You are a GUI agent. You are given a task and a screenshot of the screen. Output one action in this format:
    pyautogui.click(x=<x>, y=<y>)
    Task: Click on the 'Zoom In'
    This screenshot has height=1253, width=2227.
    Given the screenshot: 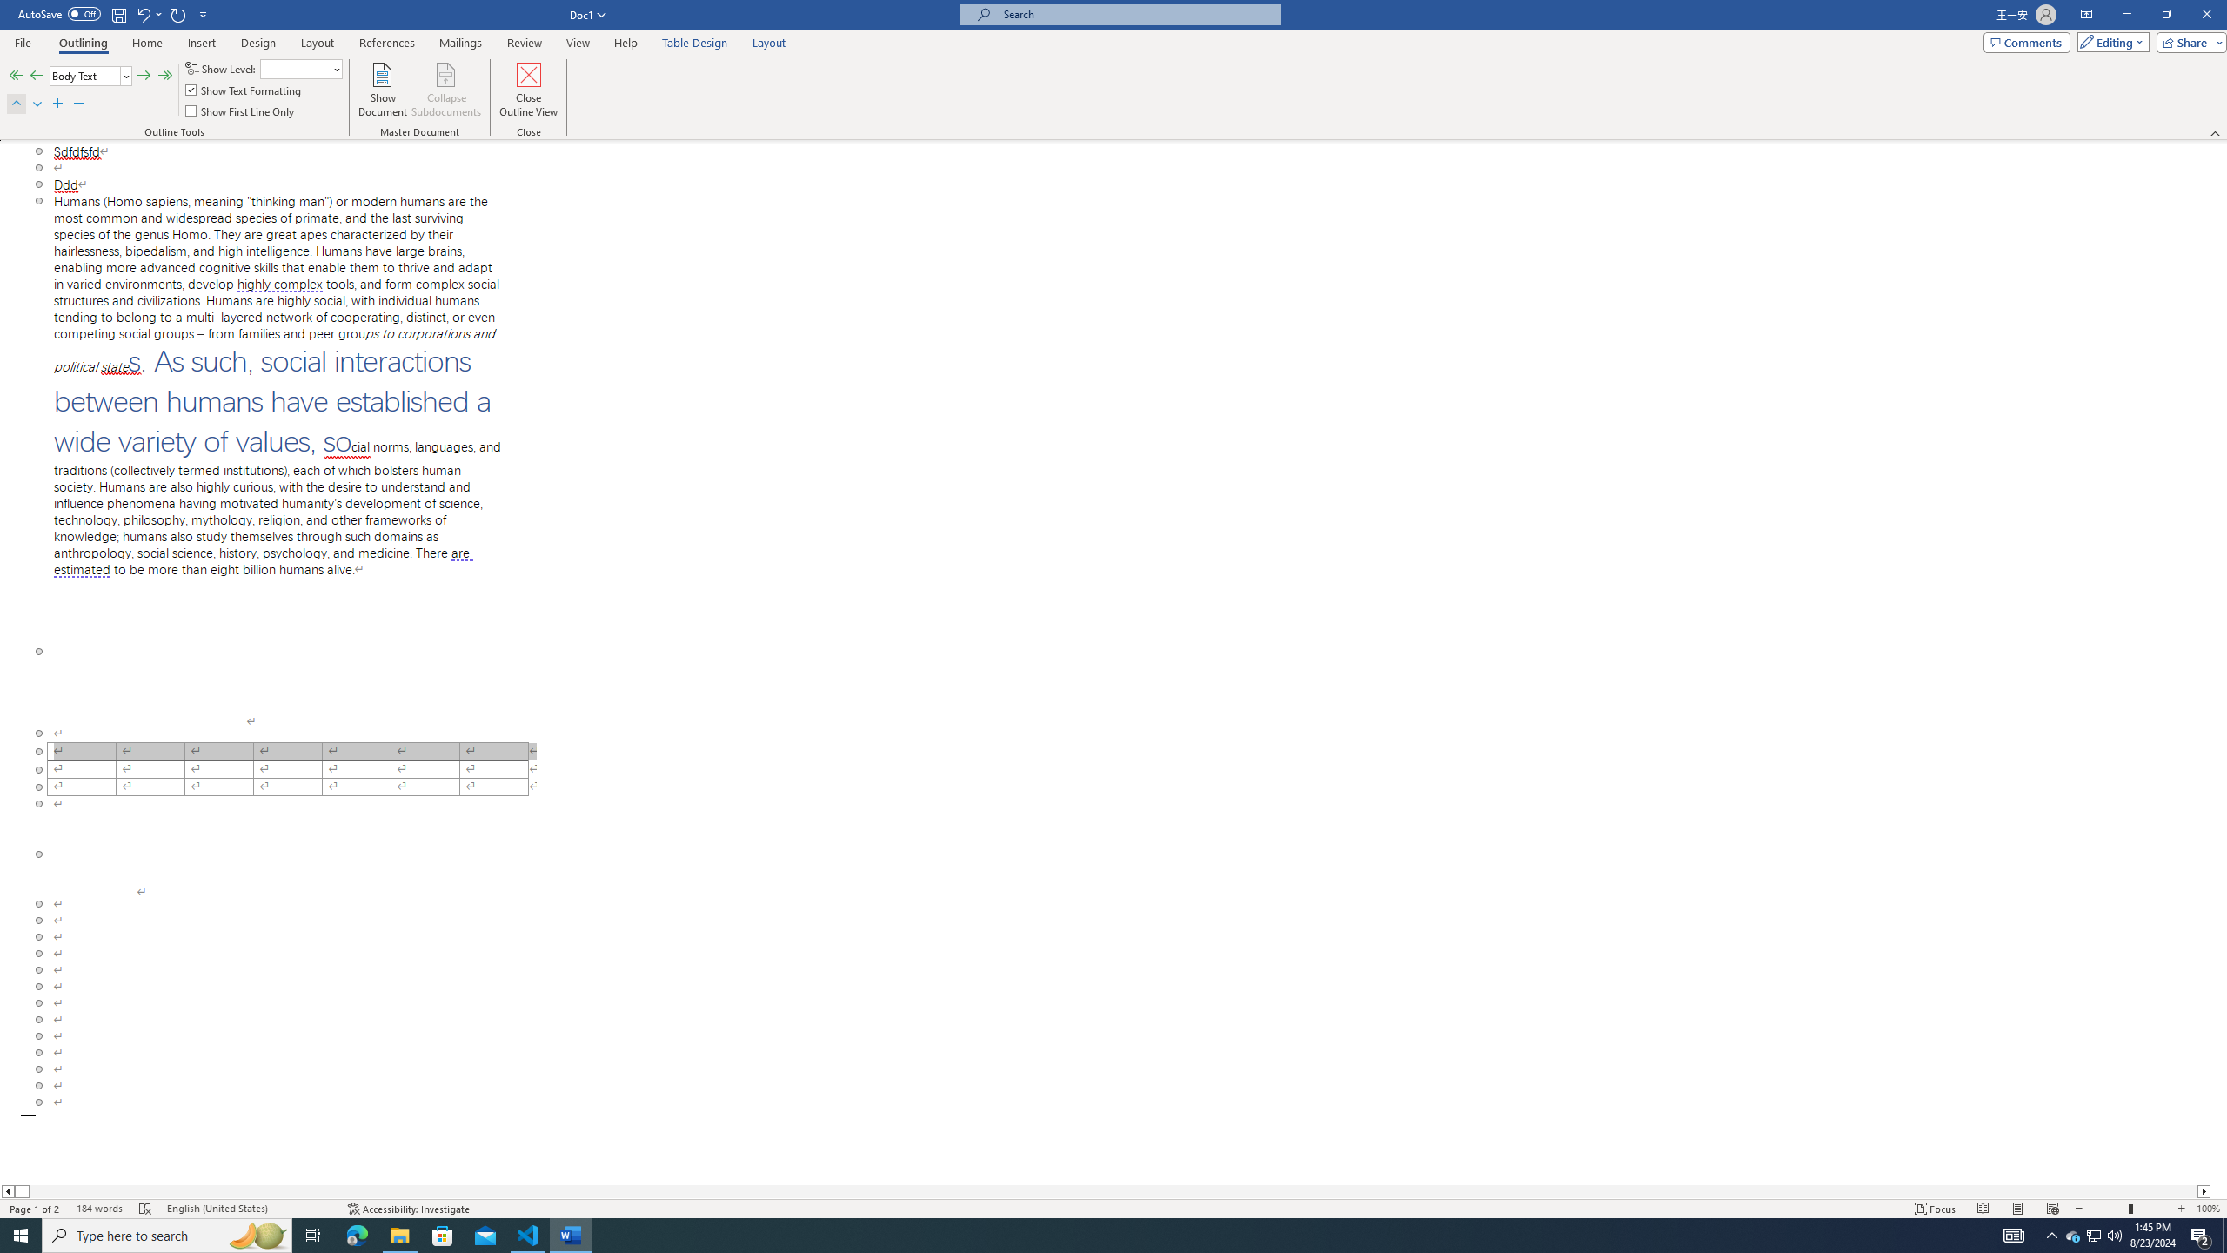 What is the action you would take?
    pyautogui.click(x=2181, y=1209)
    